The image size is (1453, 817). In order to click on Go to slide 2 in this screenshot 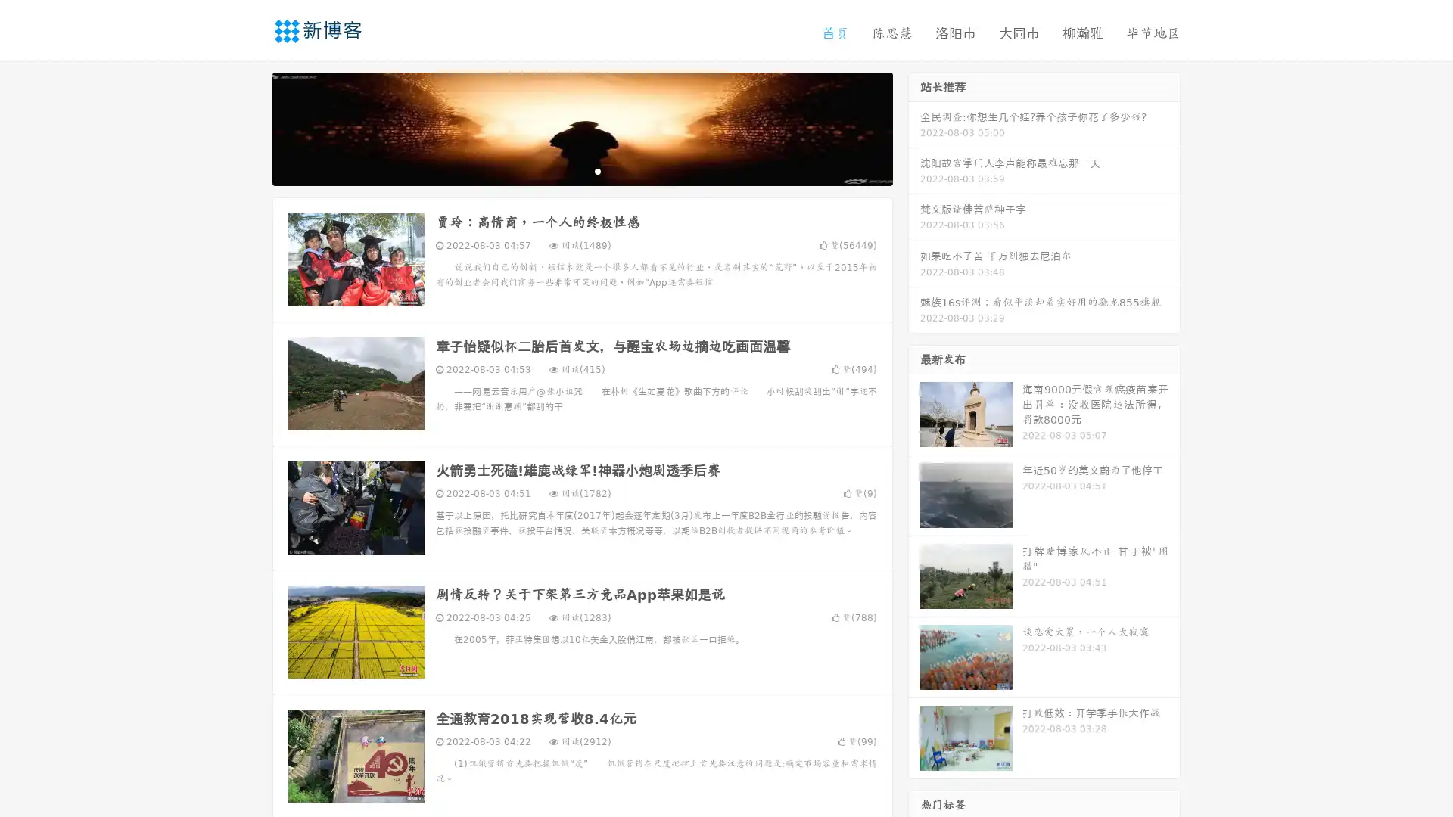, I will do `click(581, 170)`.